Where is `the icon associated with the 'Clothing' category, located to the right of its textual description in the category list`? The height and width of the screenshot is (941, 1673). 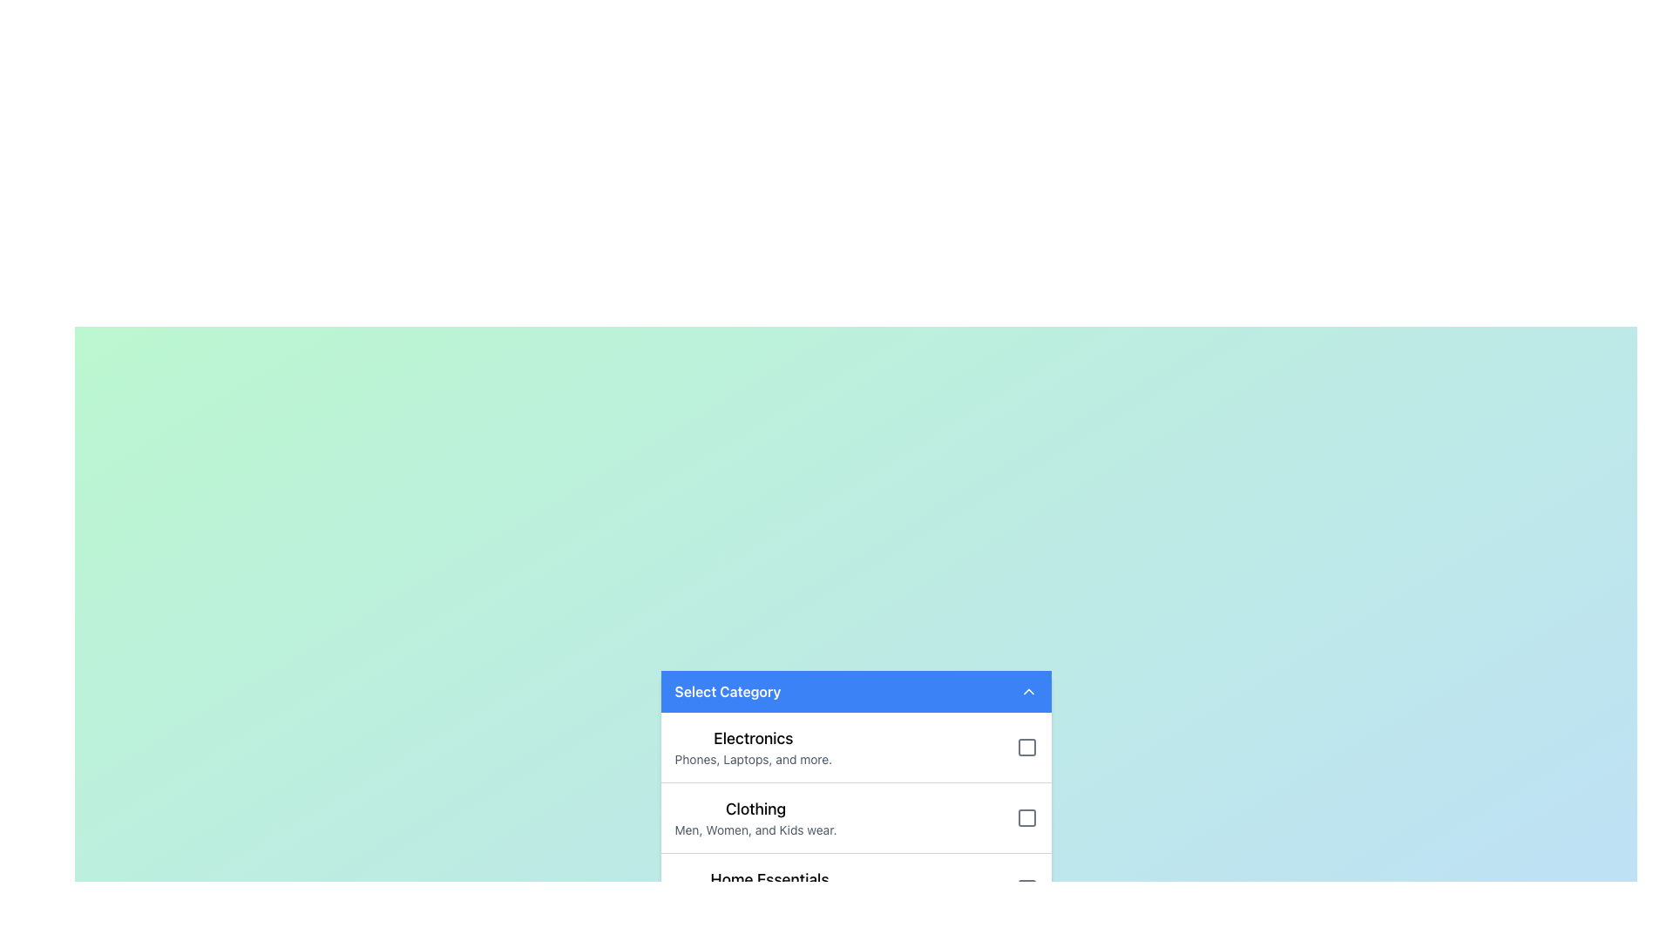
the icon associated with the 'Clothing' category, located to the right of its textual description in the category list is located at coordinates (1026, 817).